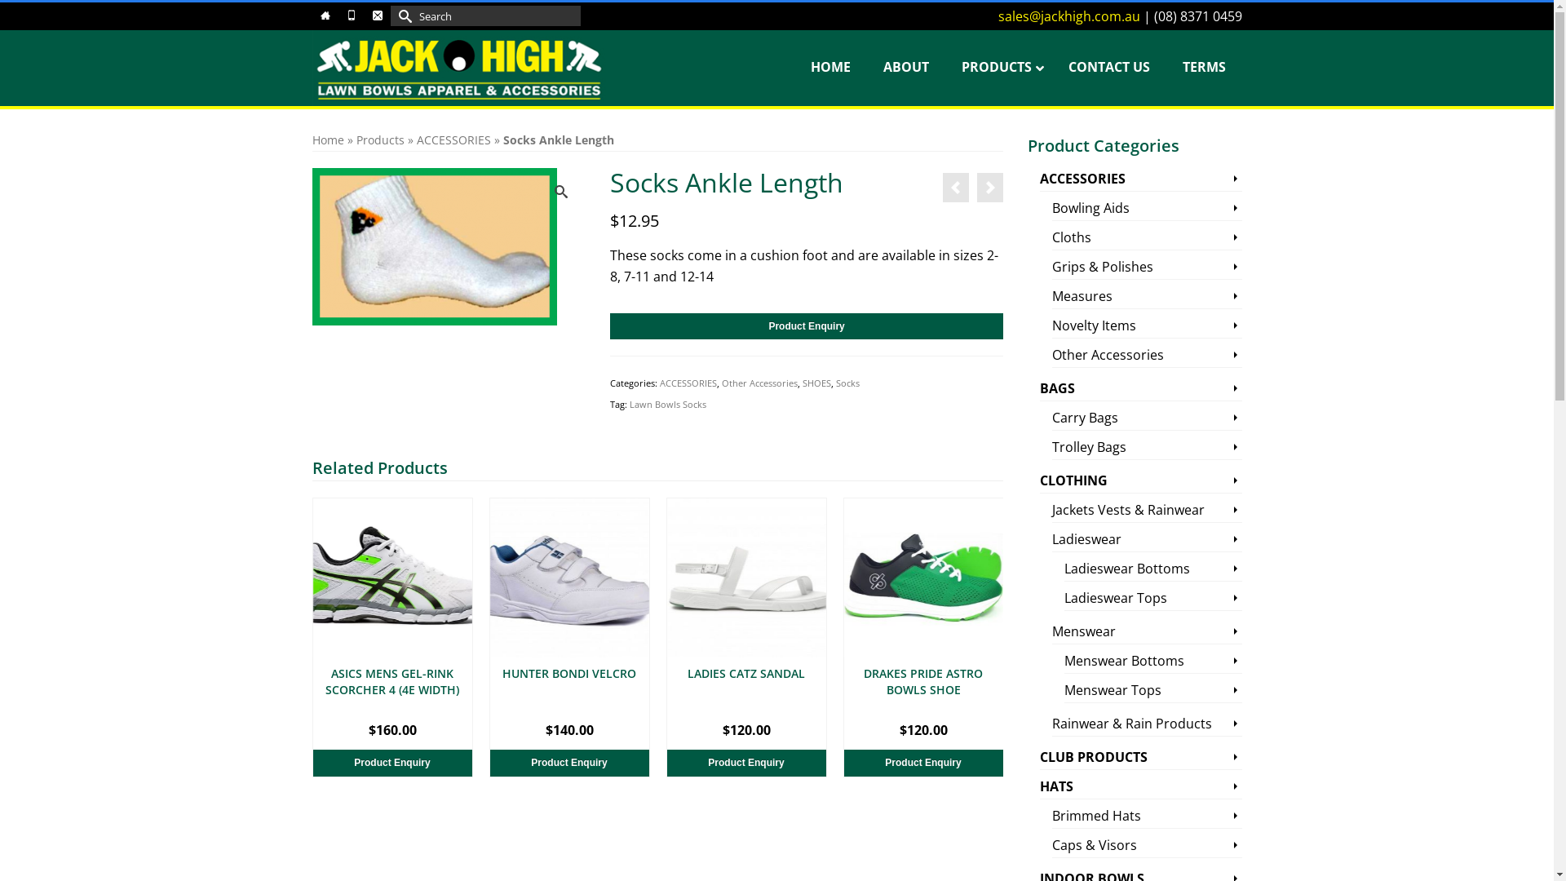  I want to click on 'Socks', so click(836, 383).